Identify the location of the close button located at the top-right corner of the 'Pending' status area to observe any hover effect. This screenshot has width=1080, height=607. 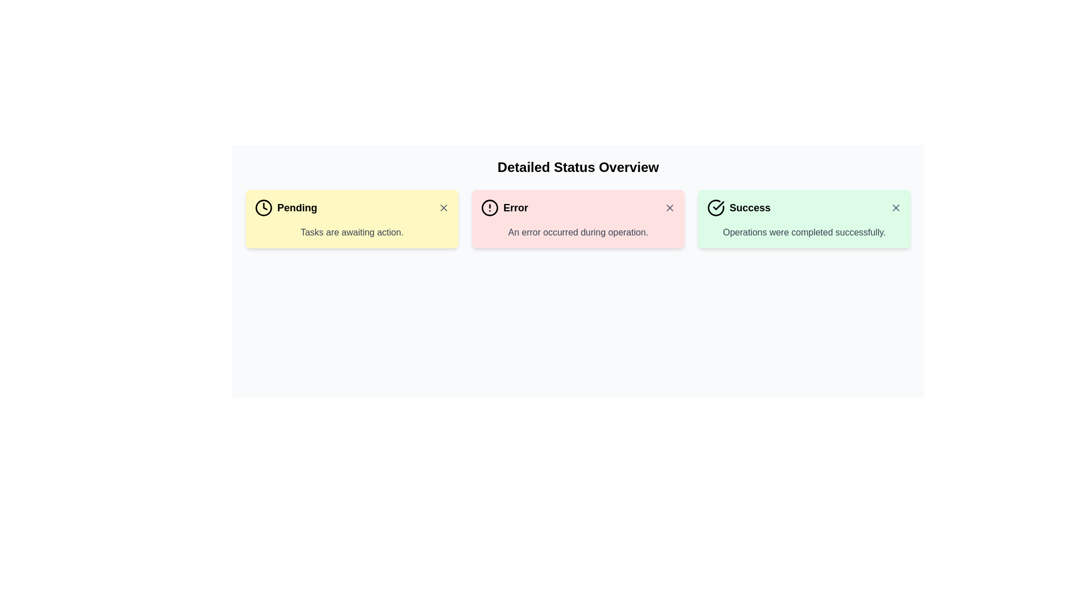
(443, 208).